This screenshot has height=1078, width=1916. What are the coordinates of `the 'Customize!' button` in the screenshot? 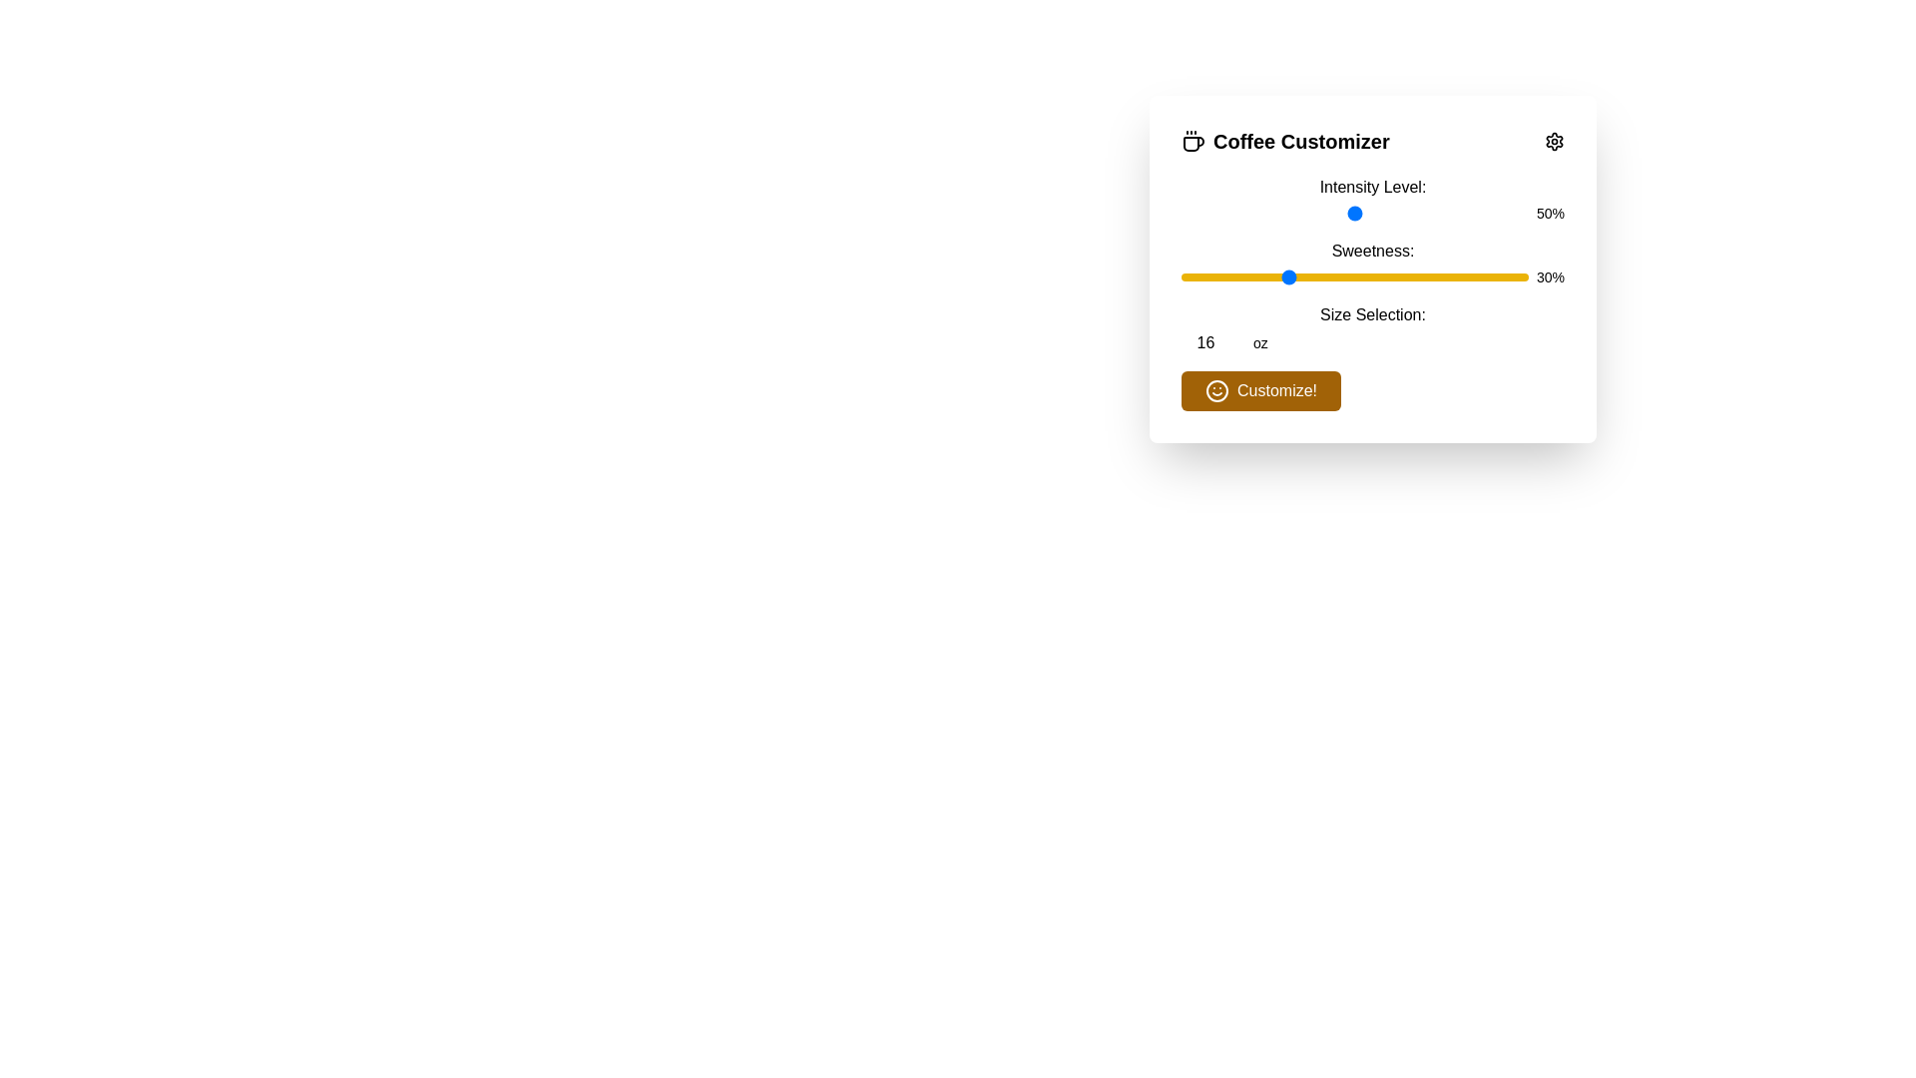 It's located at (1259, 391).